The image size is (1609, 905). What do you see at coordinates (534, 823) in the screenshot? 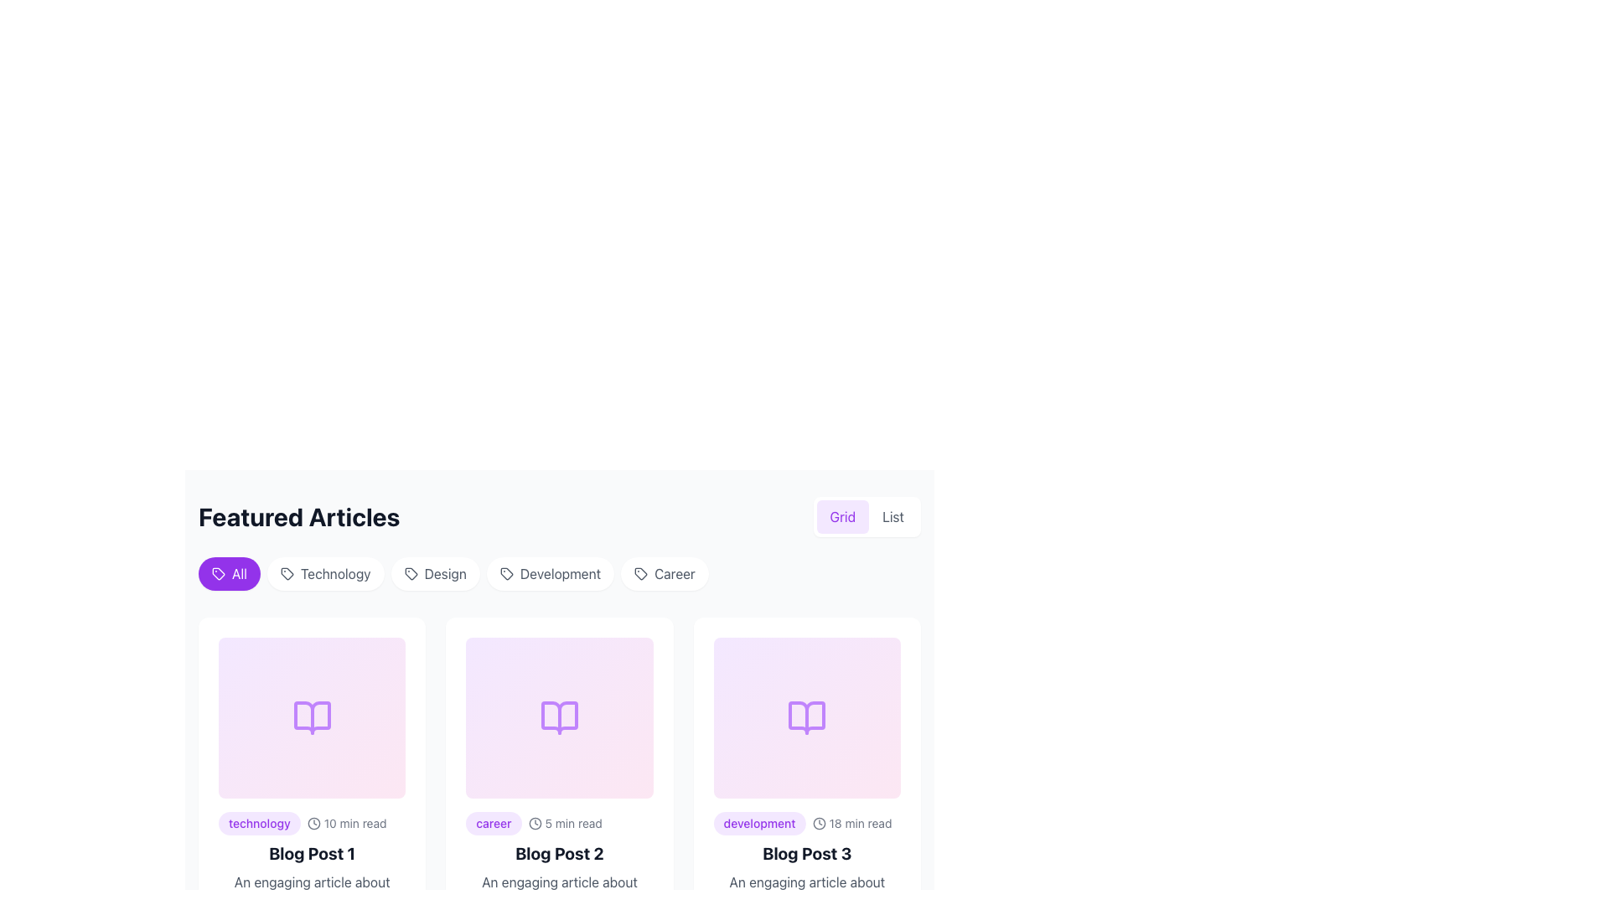
I see `the small, circular clock icon positioned to the left of the '5 min read' text below the 'Blog Post 2' heading` at bounding box center [534, 823].